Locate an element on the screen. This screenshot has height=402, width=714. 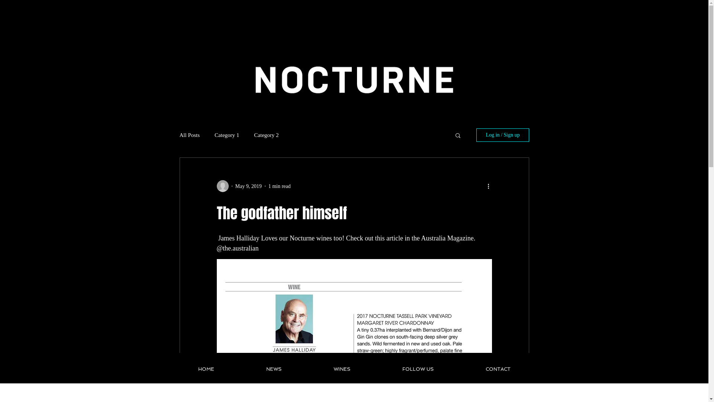
'CONTACT' is located at coordinates (498, 369).